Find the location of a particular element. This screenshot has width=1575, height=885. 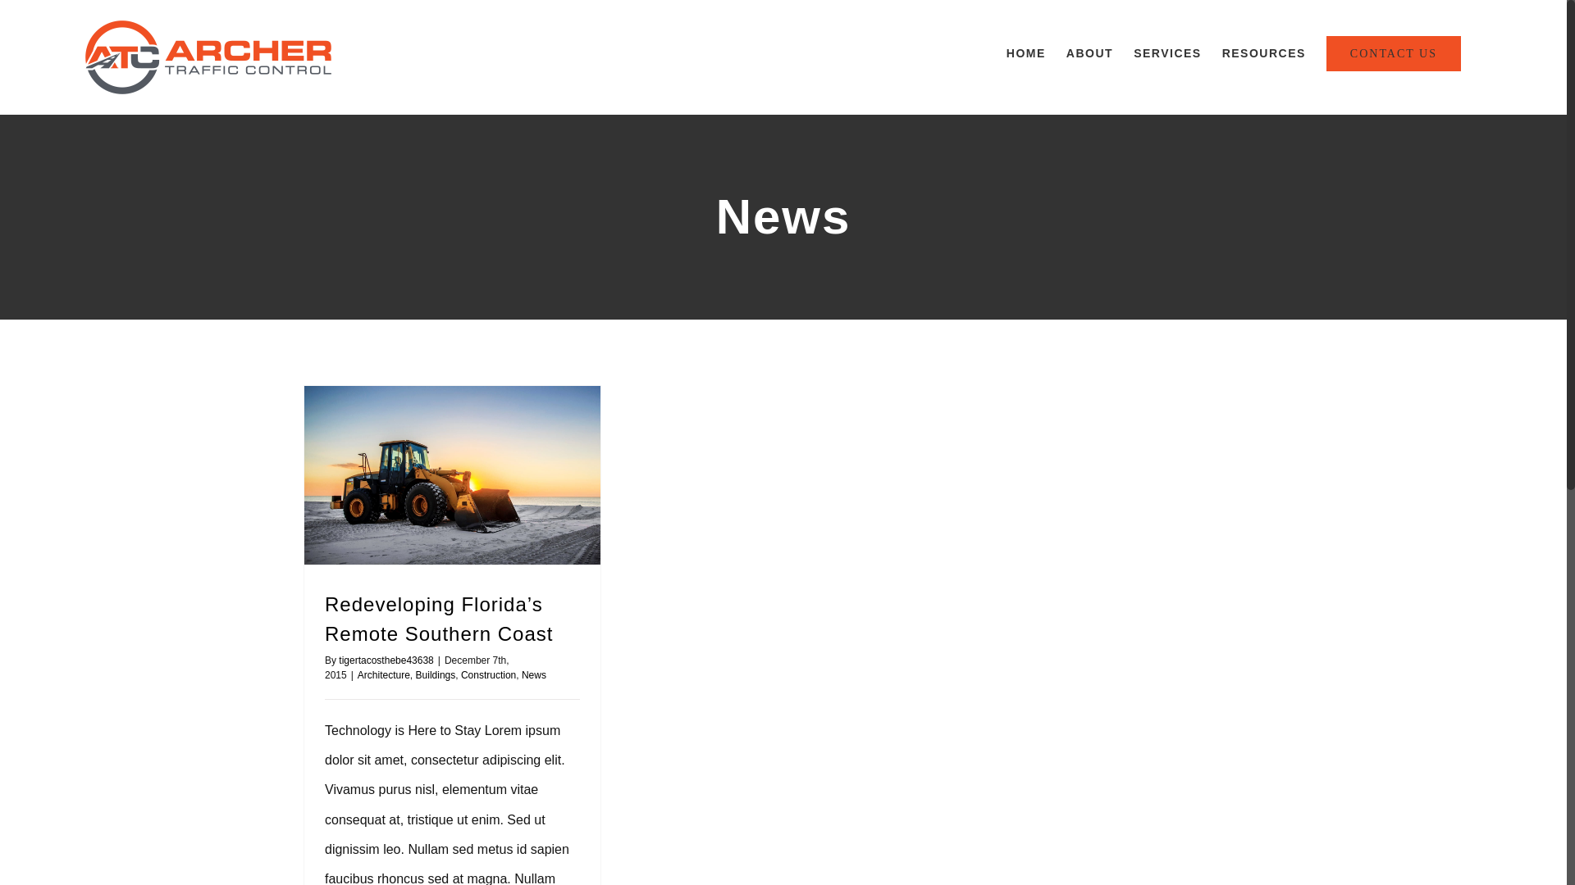

'CONTACT US' is located at coordinates (1393, 52).